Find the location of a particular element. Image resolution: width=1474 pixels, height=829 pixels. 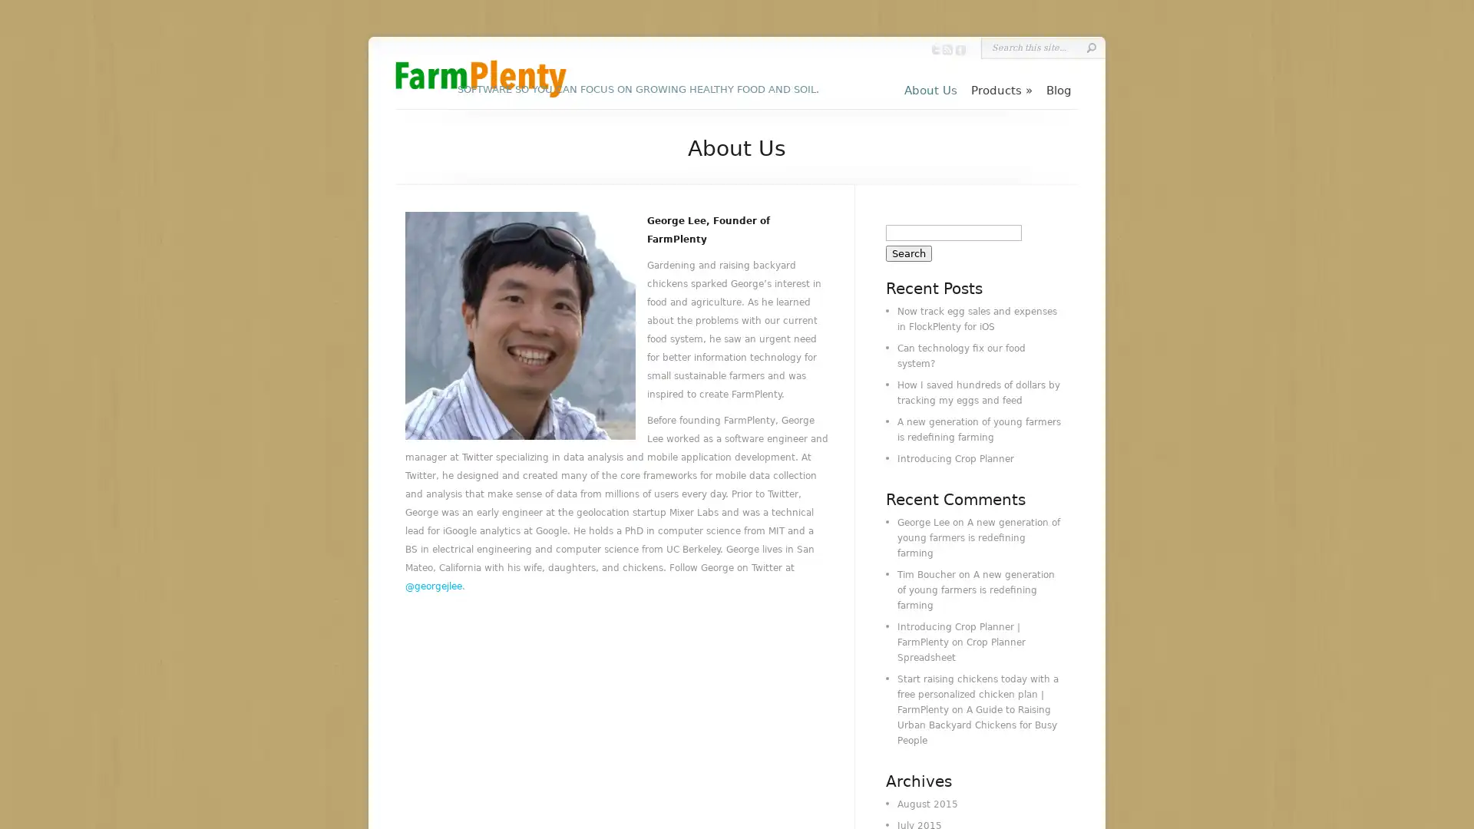

Search is located at coordinates (909, 253).